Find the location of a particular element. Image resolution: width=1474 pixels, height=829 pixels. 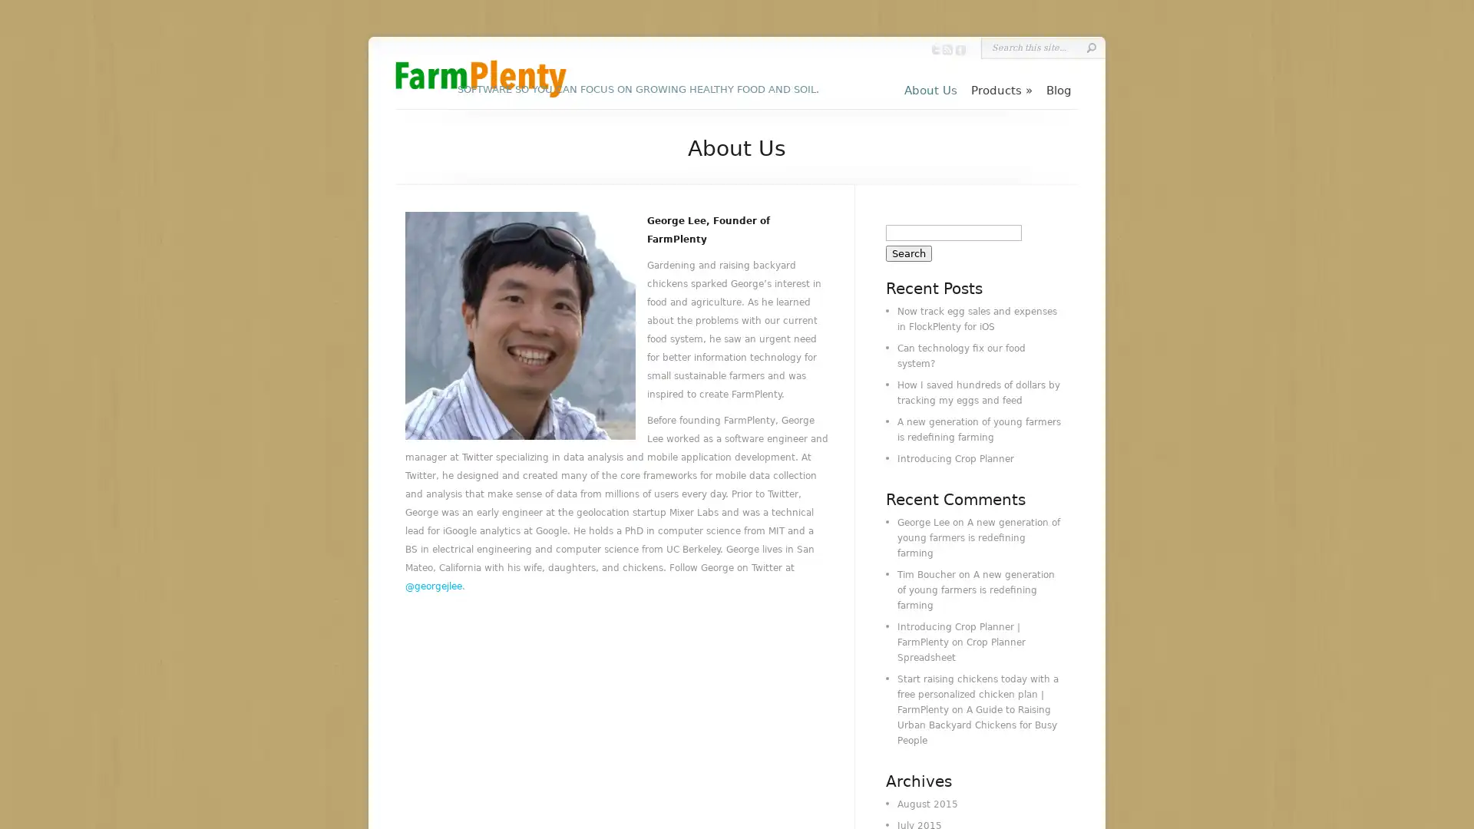

Search is located at coordinates (909, 253).